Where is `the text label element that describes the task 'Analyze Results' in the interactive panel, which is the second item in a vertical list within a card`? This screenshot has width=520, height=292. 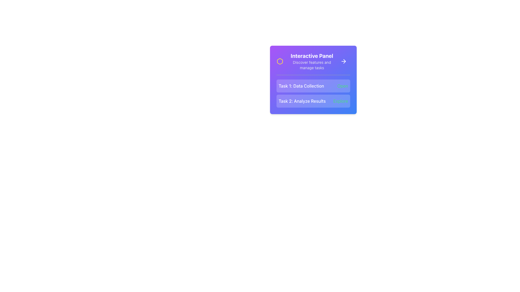 the text label element that describes the task 'Analyze Results' in the interactive panel, which is the second item in a vertical list within a card is located at coordinates (302, 101).